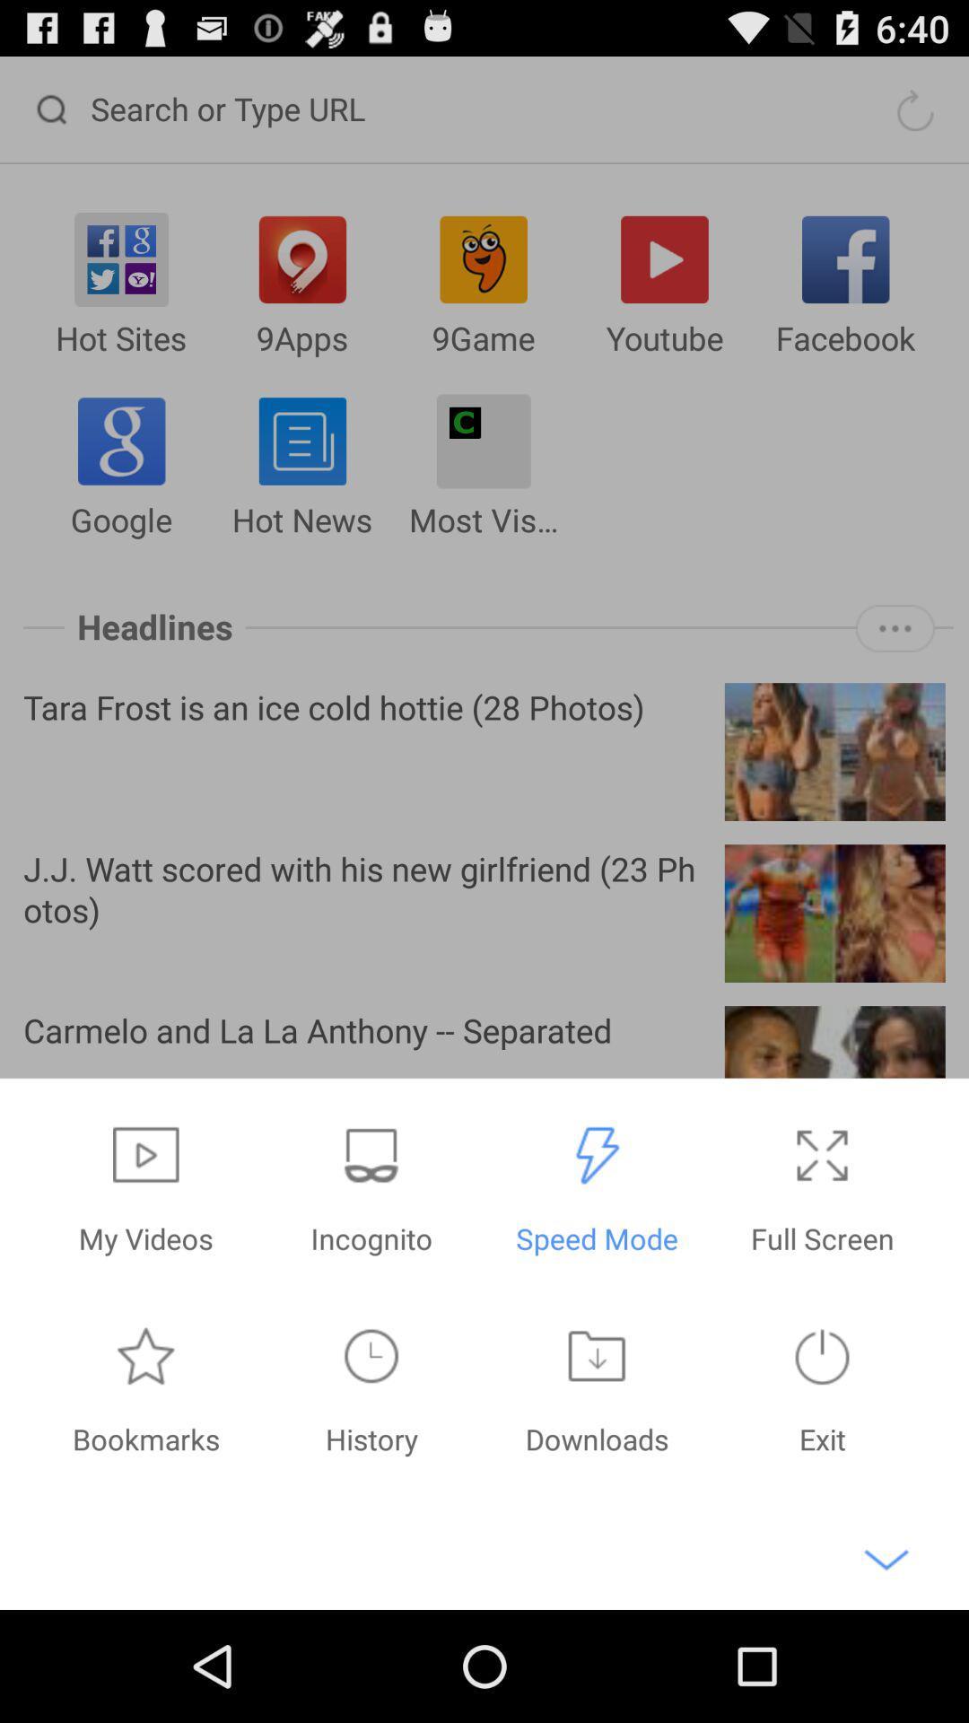 This screenshot has width=969, height=1723. I want to click on the expand_more icon, so click(886, 1668).